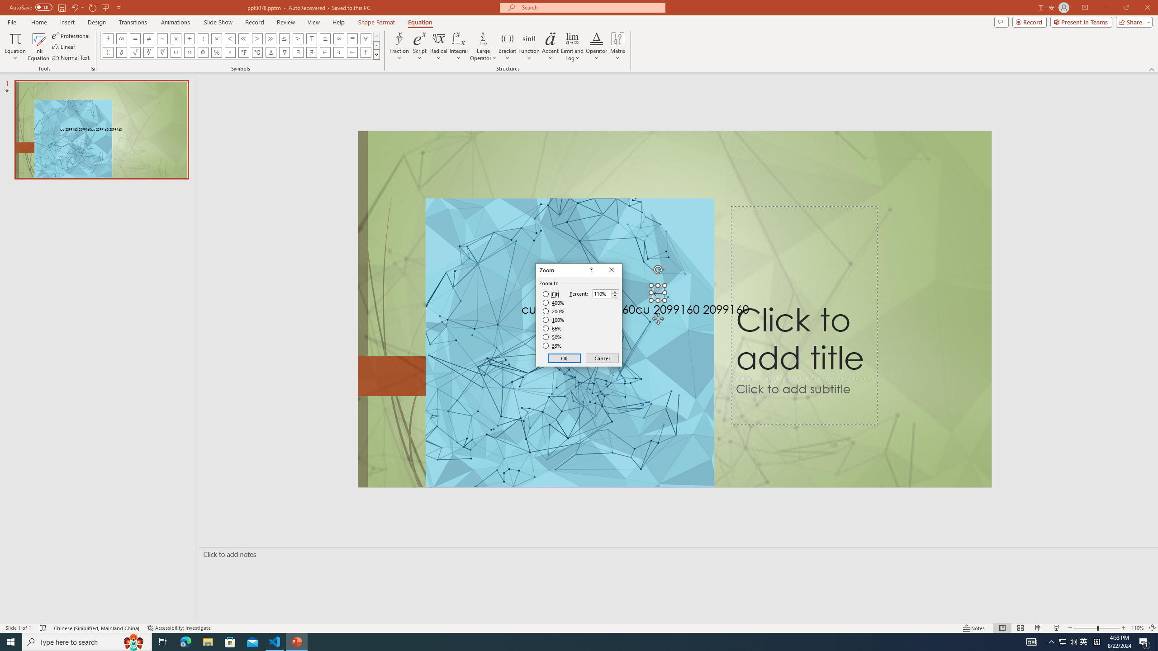 The width and height of the screenshot is (1158, 651). I want to click on '200%', so click(553, 311).